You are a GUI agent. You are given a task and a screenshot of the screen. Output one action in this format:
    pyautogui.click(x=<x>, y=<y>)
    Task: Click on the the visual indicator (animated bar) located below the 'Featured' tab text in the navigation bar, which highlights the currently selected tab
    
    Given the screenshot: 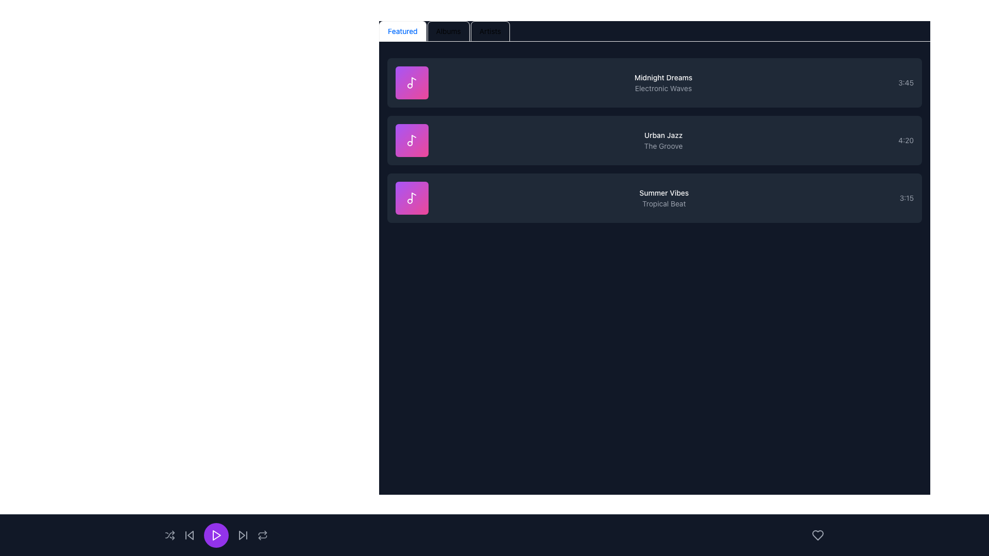 What is the action you would take?
    pyautogui.click(x=402, y=41)
    